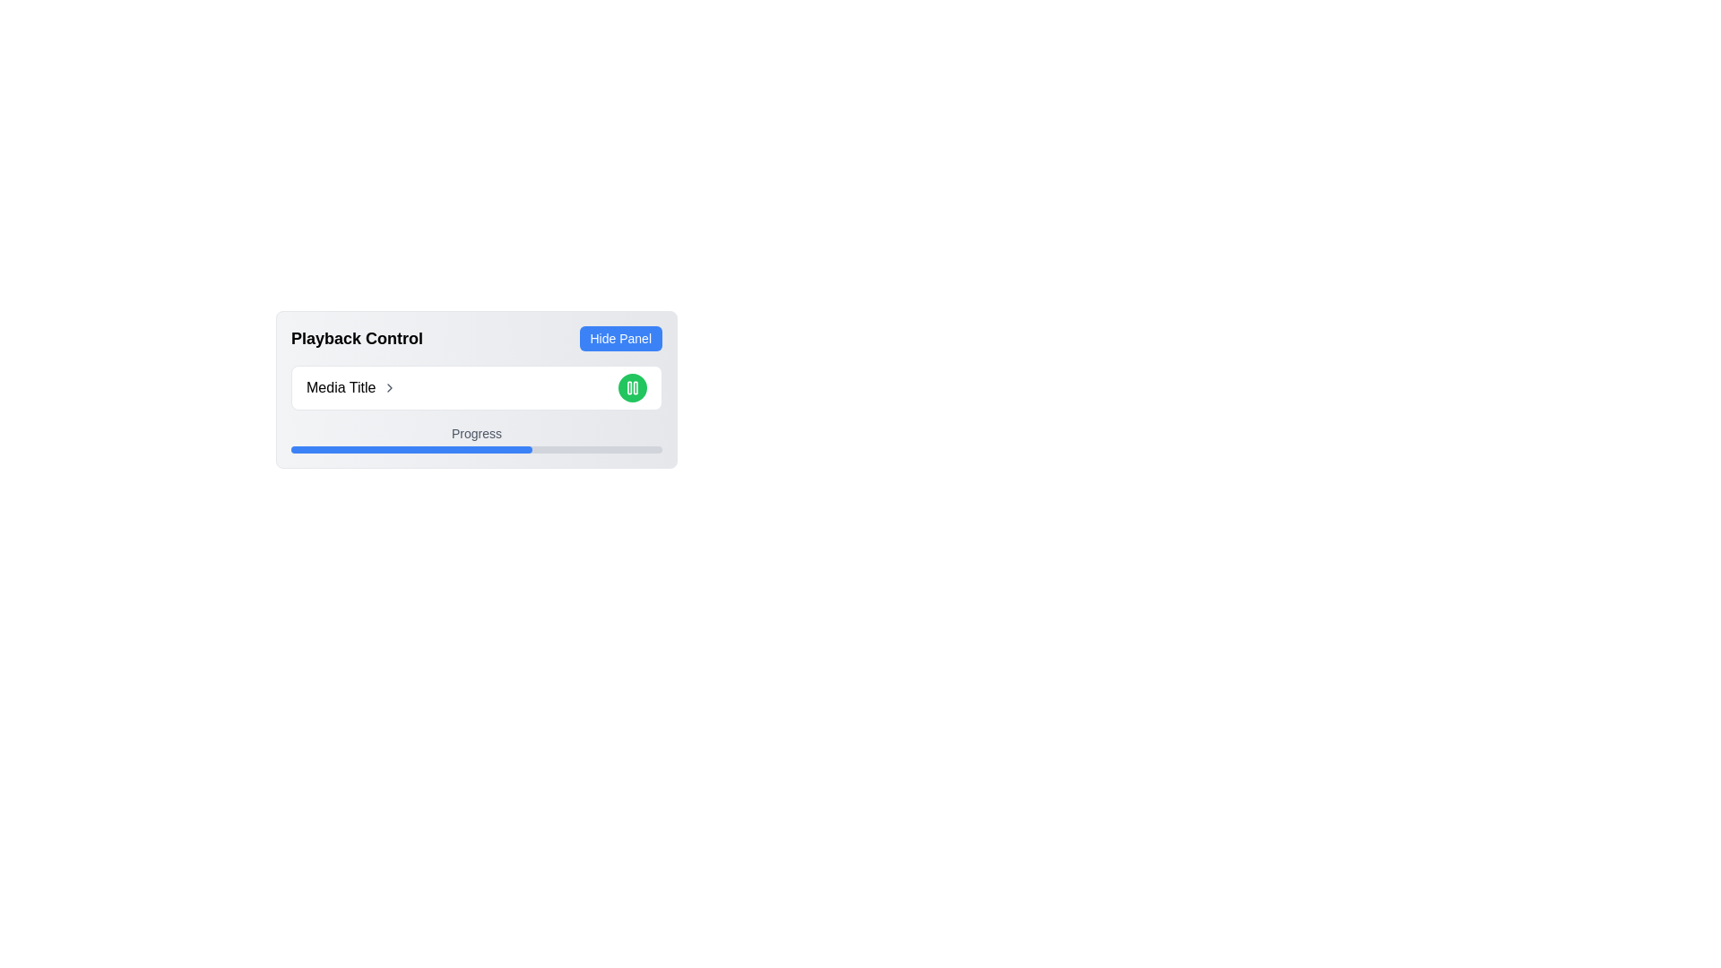 The image size is (1721, 968). I want to click on the pause button located to the right of the text 'Media Title >', so click(632, 386).